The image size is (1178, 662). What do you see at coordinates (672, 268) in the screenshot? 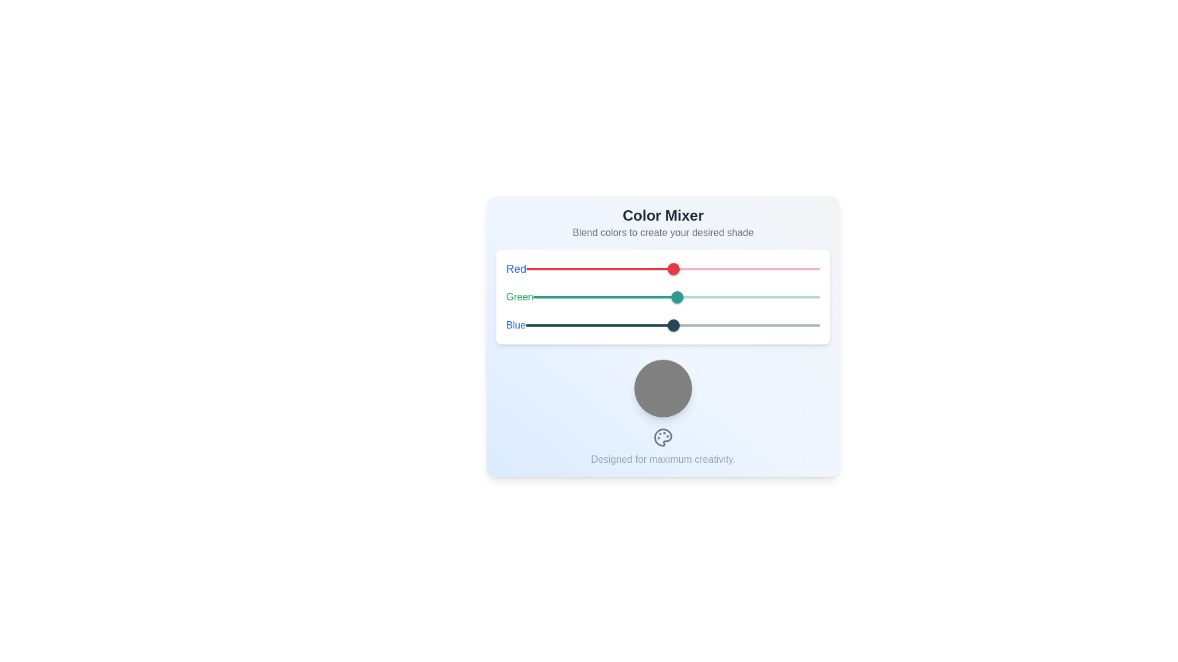
I see `the horizontal slider rail located under the 'Red' label in the slider component` at bounding box center [672, 268].